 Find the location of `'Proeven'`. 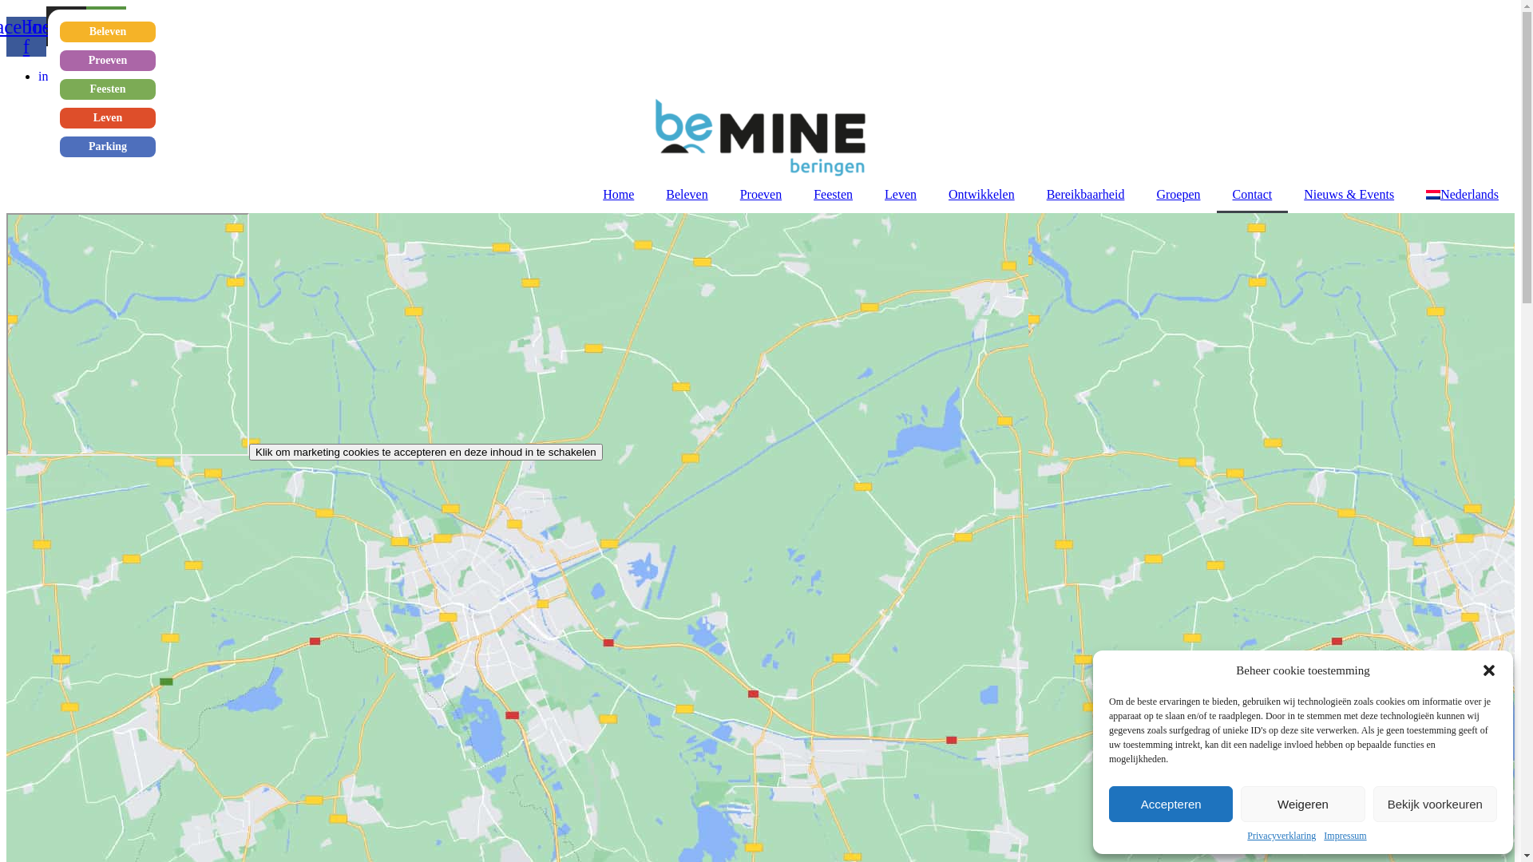

'Proeven' is located at coordinates (760, 193).